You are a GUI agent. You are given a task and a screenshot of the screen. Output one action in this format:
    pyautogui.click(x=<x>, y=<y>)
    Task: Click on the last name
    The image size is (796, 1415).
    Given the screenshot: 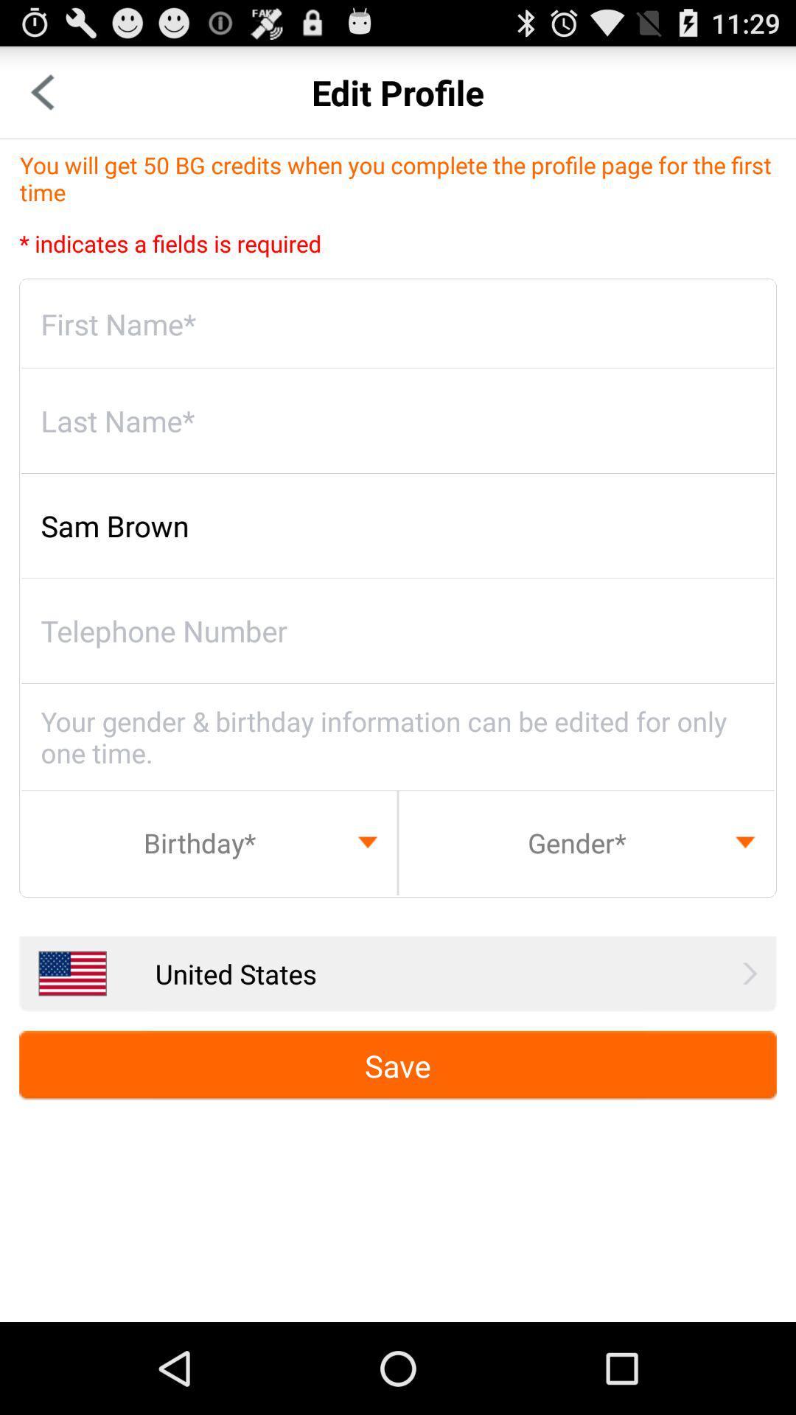 What is the action you would take?
    pyautogui.click(x=398, y=420)
    